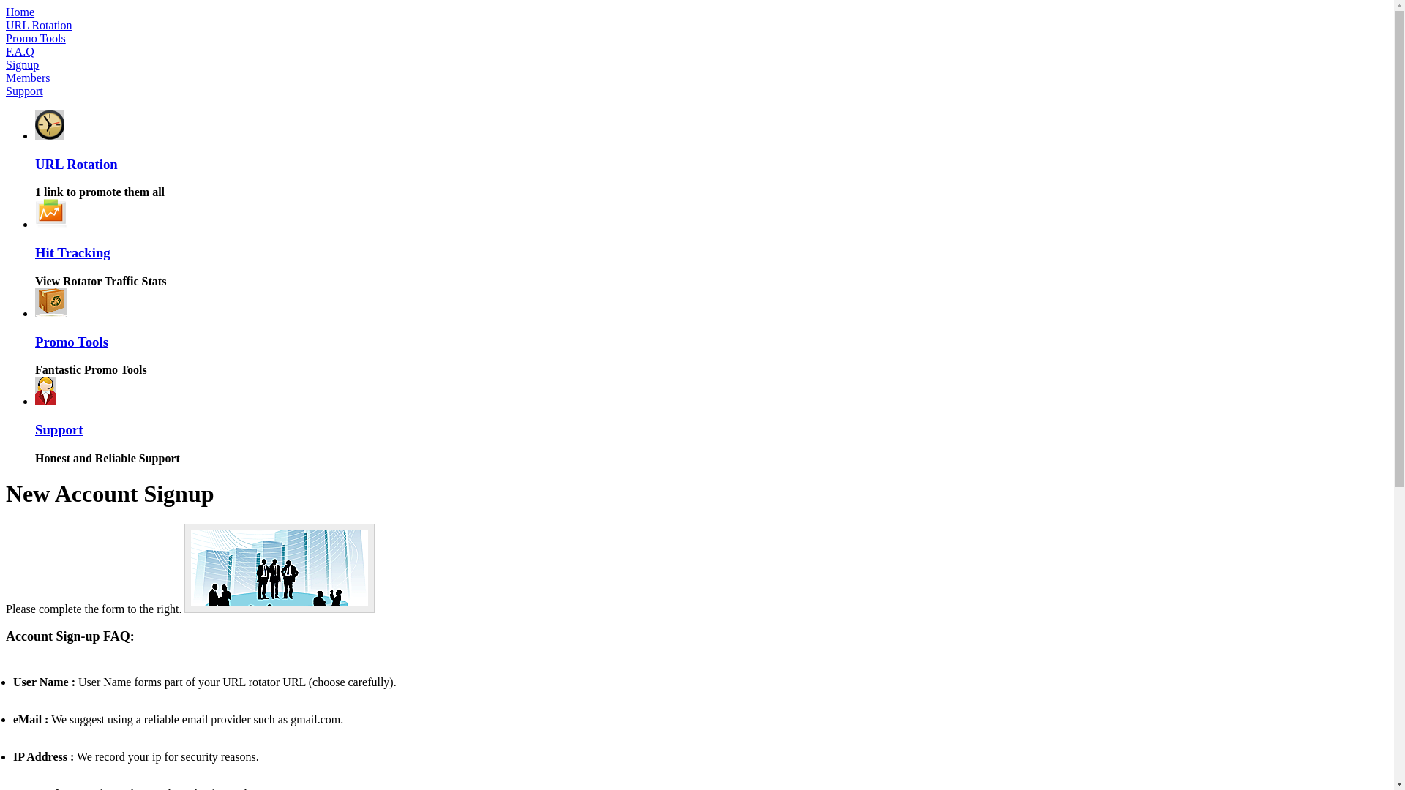  What do you see at coordinates (75, 164) in the screenshot?
I see `'URL Rotation'` at bounding box center [75, 164].